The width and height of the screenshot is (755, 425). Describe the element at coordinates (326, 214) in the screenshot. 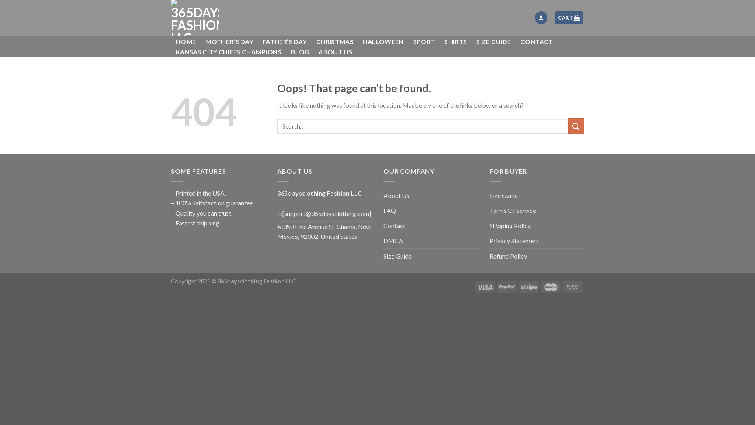

I see `'[support@365daysclothing.com]'` at that location.